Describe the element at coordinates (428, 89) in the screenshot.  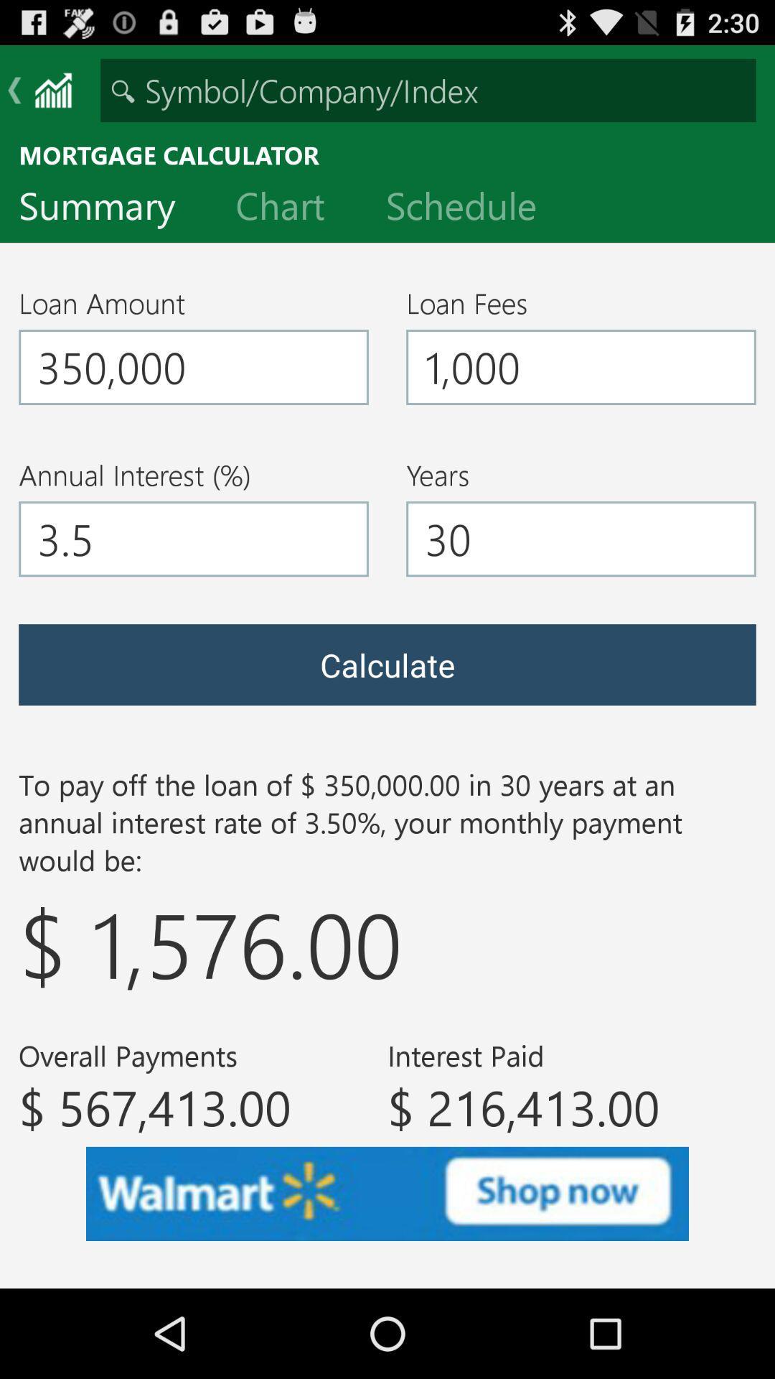
I see `in-app search bar` at that location.